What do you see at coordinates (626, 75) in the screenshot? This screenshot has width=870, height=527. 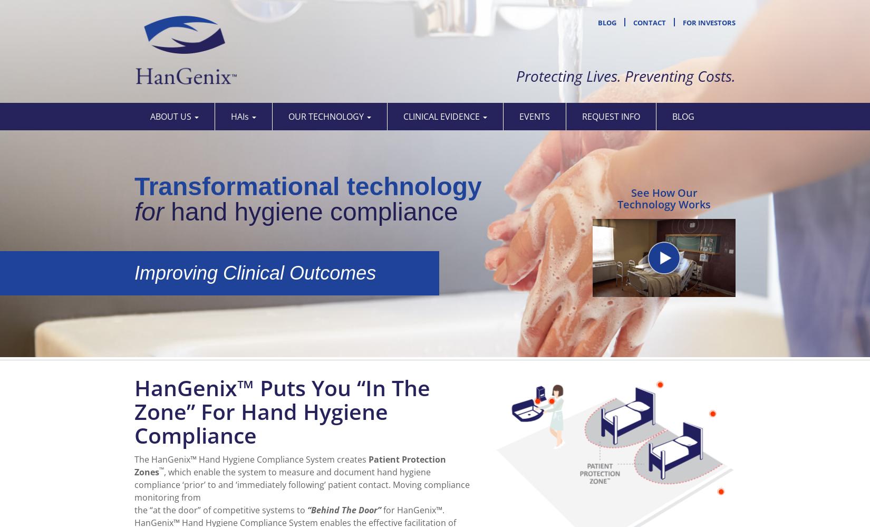 I see `'Protecting Lives. Preventing Costs.'` at bounding box center [626, 75].